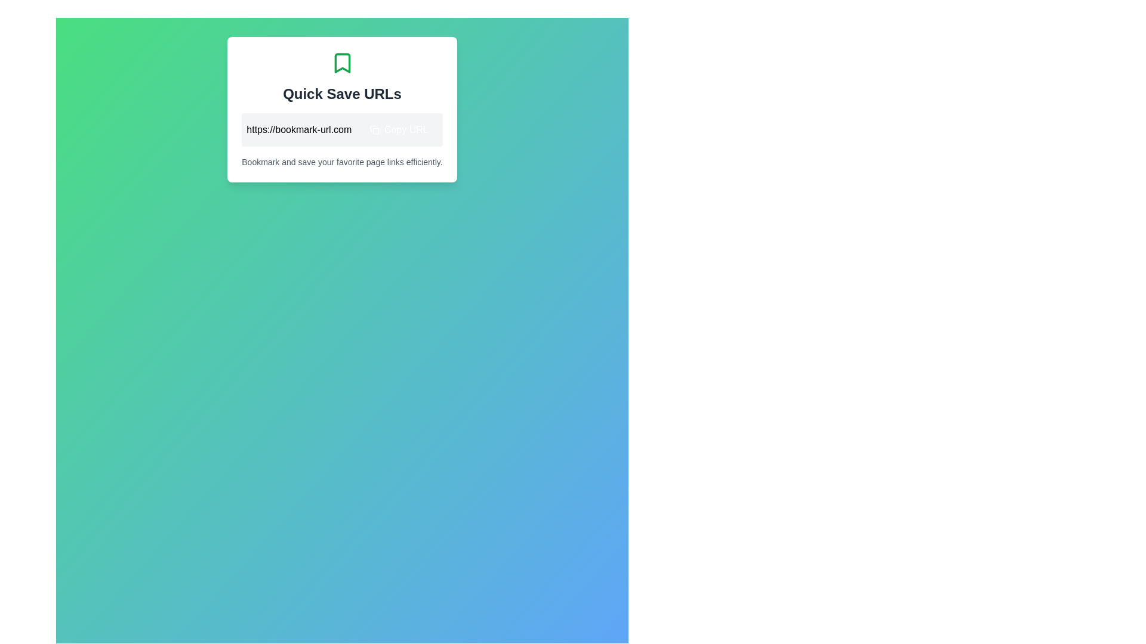 The width and height of the screenshot is (1146, 644). I want to click on the save or bookmark icon located at the top center of the card, directly above the title 'Quick Save URLs', so click(341, 63).